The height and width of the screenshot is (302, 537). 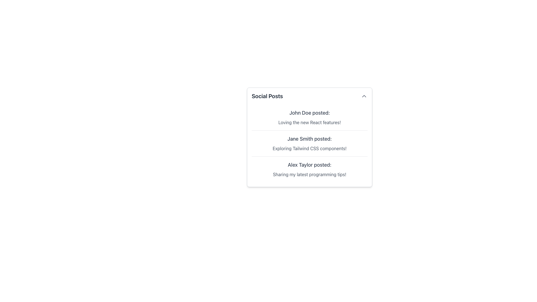 What do you see at coordinates (267, 96) in the screenshot?
I see `on the Text Label that serves as a header for social posts` at bounding box center [267, 96].